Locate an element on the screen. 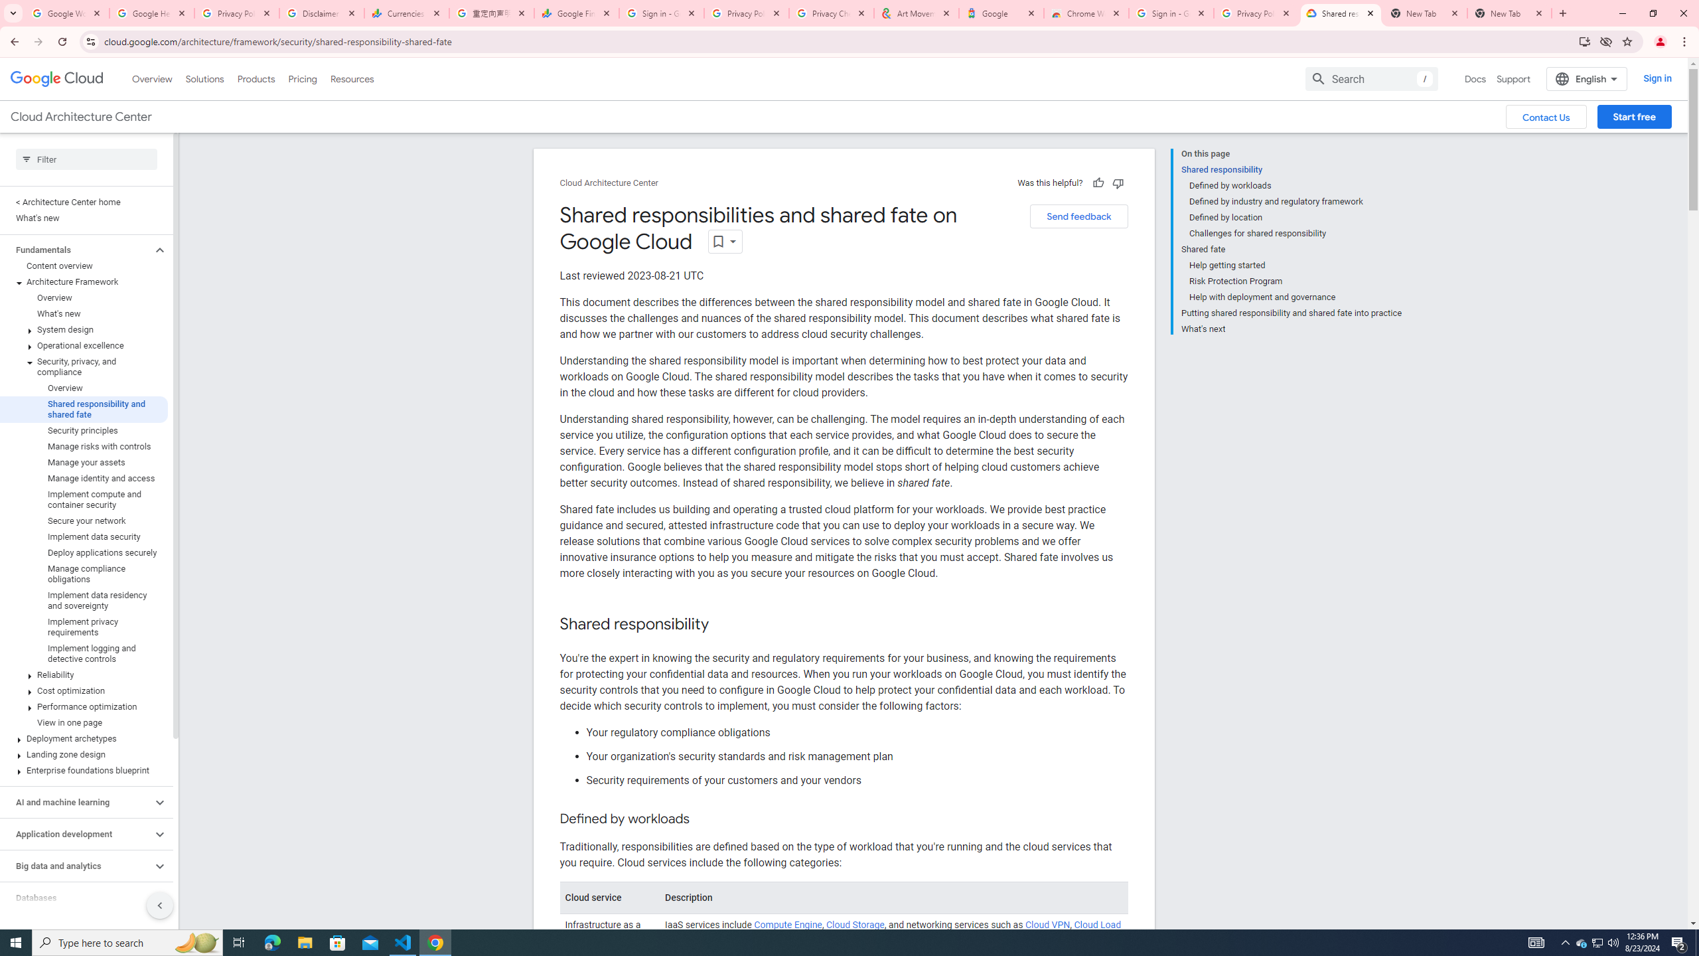  'Chrome Web Store - Color themes by Chrome' is located at coordinates (1086, 13).